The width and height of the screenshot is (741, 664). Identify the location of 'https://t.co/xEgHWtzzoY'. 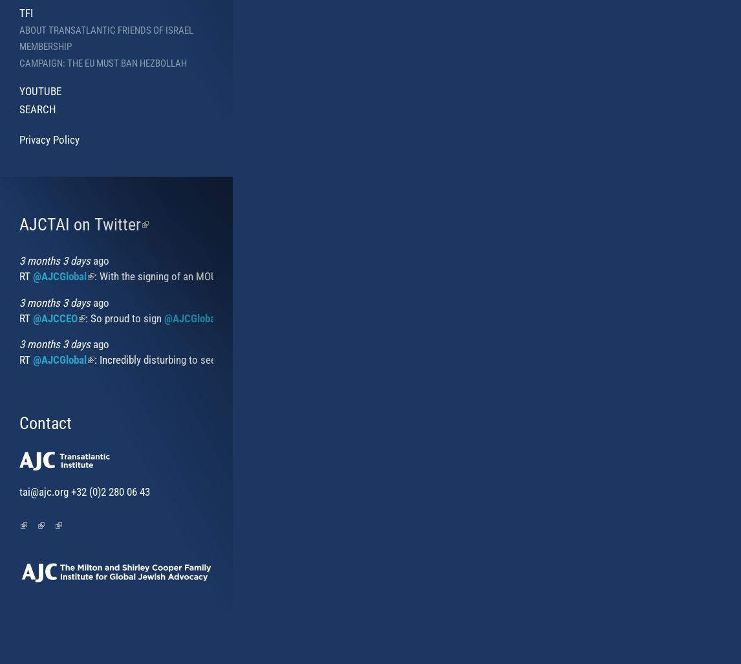
(683, 317).